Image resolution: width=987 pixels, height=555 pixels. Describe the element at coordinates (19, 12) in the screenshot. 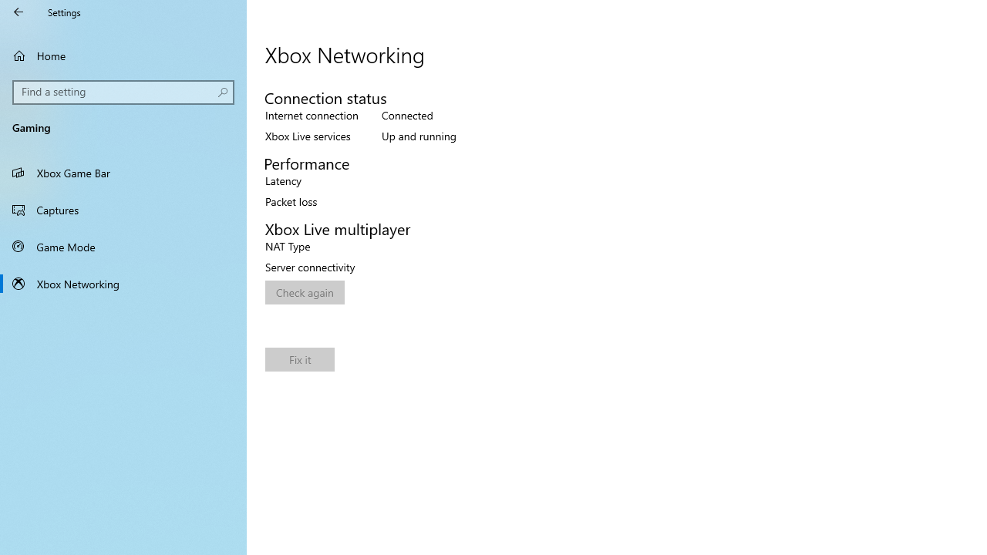

I see `'Back'` at that location.